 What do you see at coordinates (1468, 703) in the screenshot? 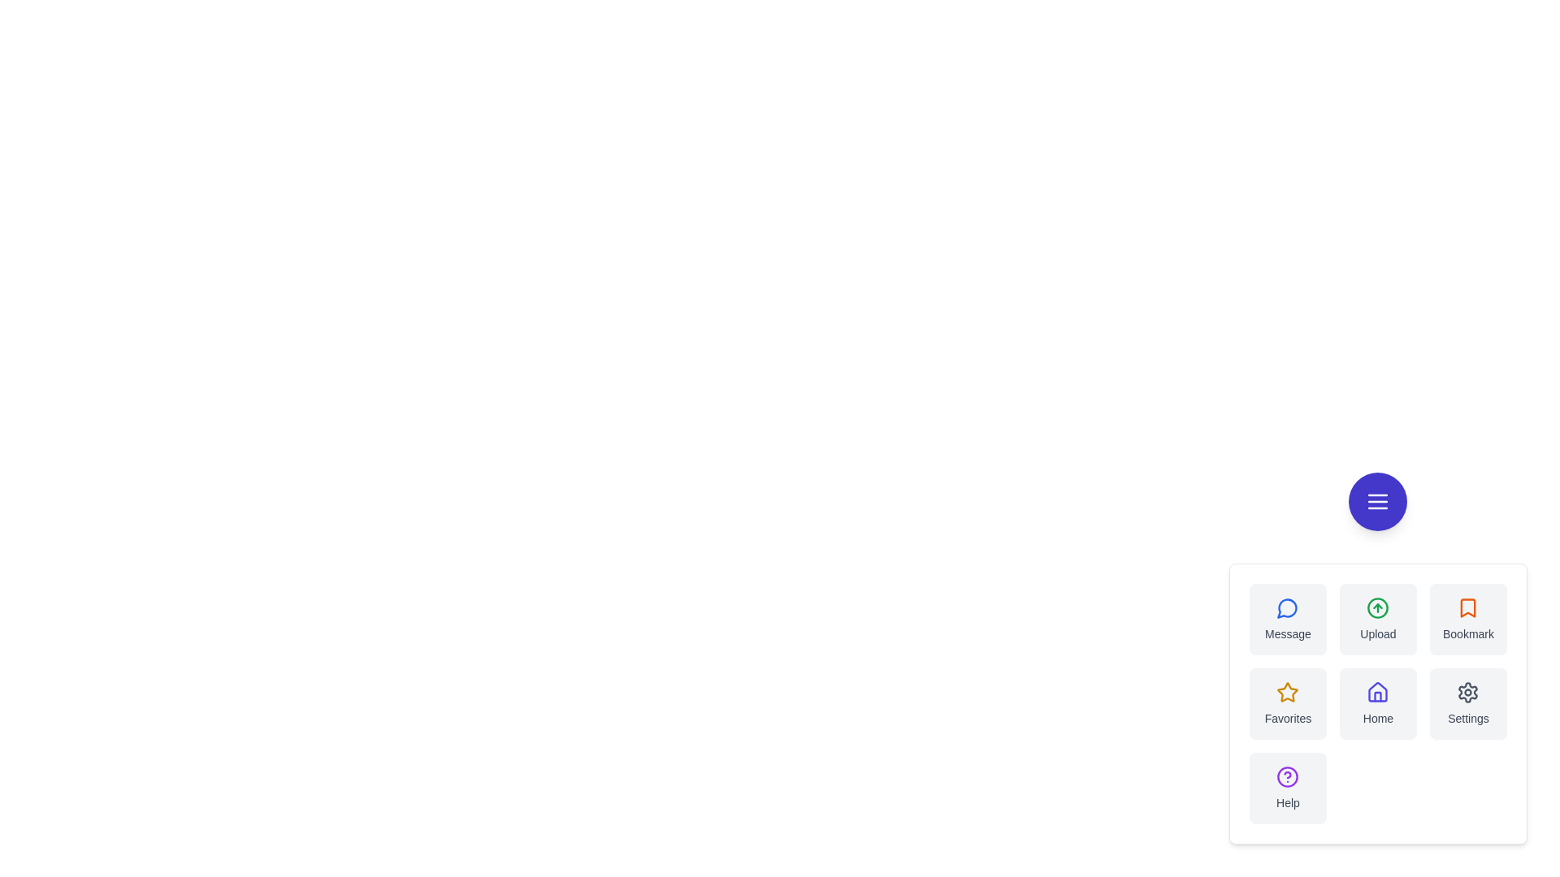
I see `the Settings button in the speed dial menu` at bounding box center [1468, 703].